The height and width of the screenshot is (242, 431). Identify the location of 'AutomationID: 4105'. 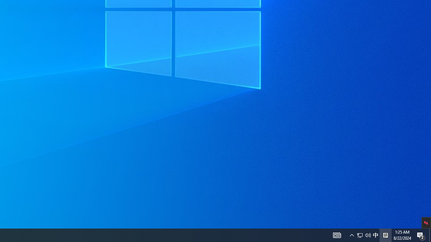
(337, 235).